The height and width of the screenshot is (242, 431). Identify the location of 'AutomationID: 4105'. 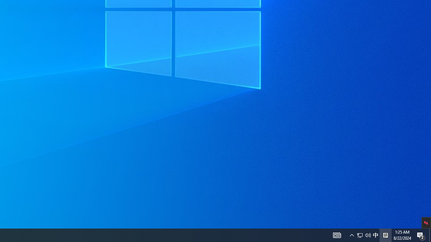
(337, 235).